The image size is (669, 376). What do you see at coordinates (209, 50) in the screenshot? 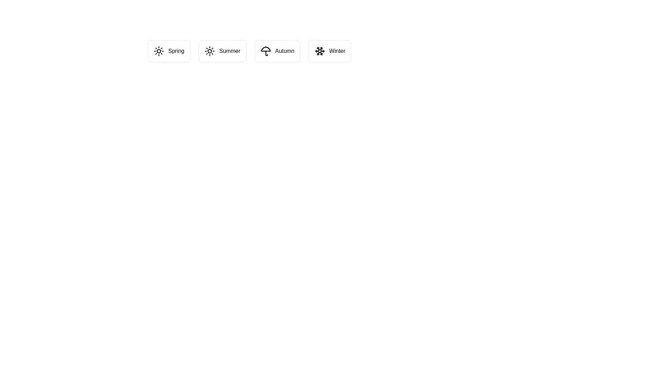
I see `the SVG Circle Element that represents the 'Summer' icon, located in the middle of the second icon in a row of seasonal symbols` at bounding box center [209, 50].